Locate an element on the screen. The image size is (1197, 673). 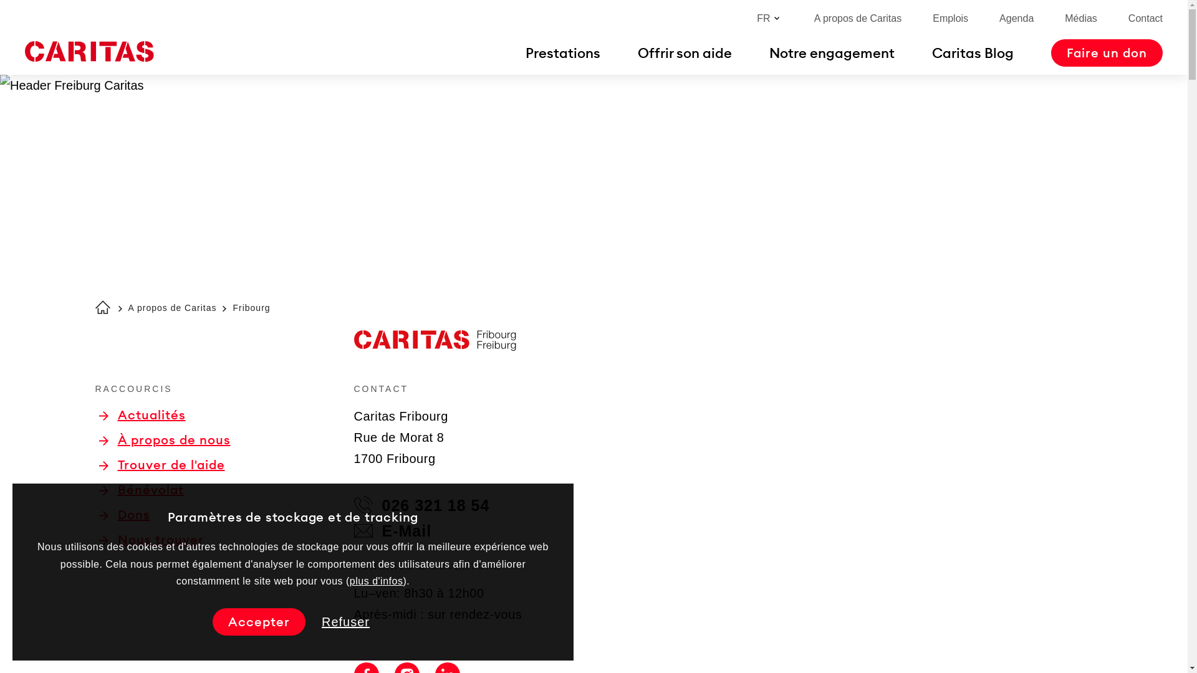
'Nous trouver' is located at coordinates (150, 539).